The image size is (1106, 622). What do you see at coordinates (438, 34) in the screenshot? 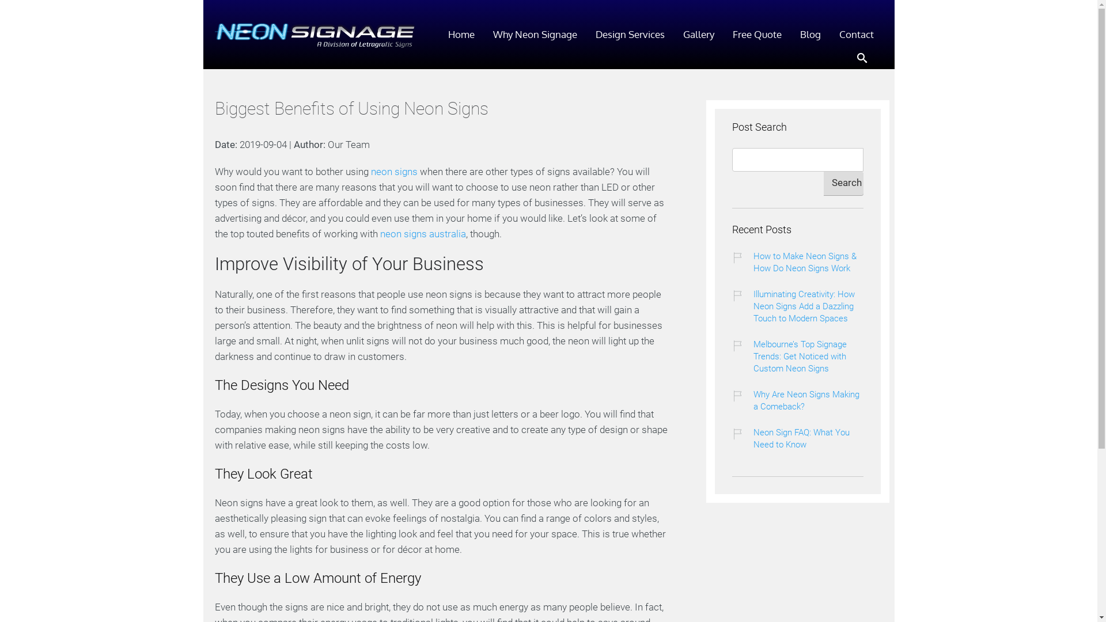
I see `'Home'` at bounding box center [438, 34].